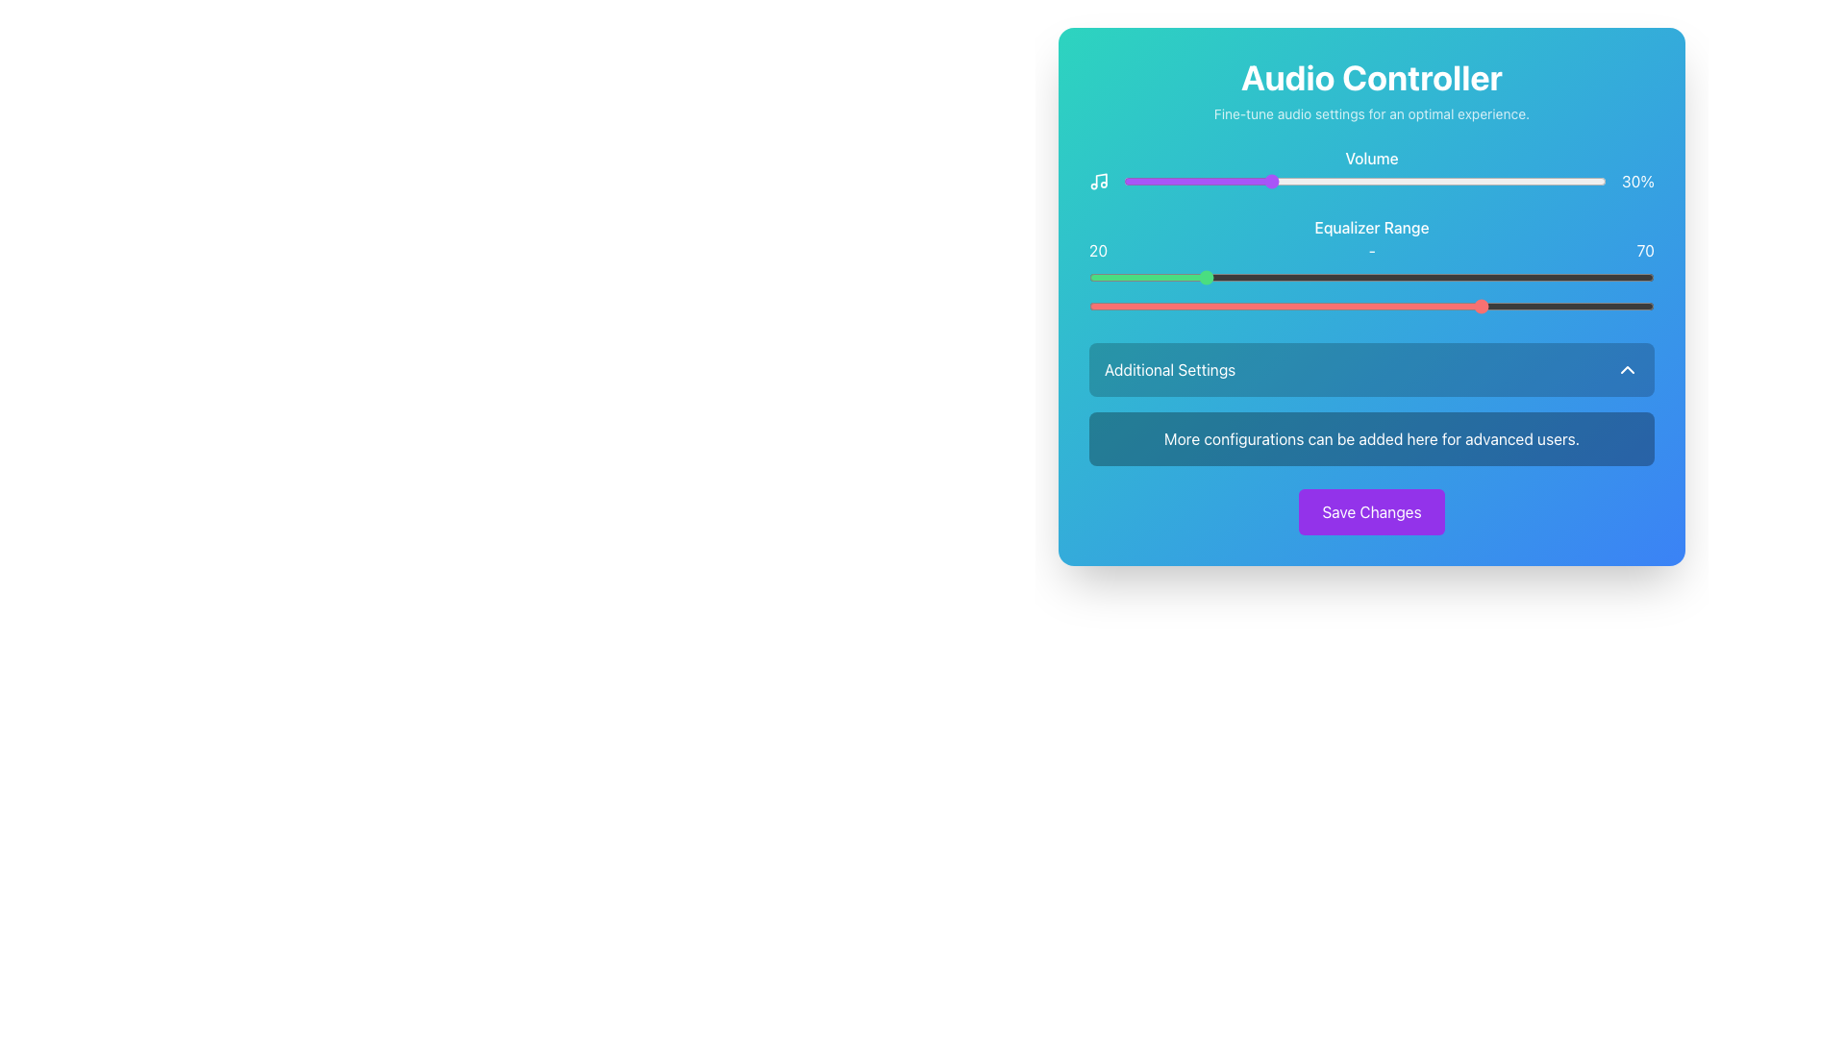 Image resolution: width=1846 pixels, height=1038 pixels. I want to click on the volume slider, so click(1302, 182).